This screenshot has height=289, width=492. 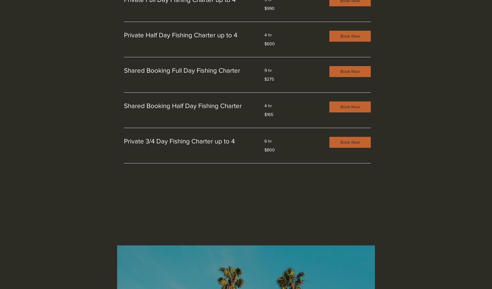 I want to click on '$800', so click(x=264, y=150).